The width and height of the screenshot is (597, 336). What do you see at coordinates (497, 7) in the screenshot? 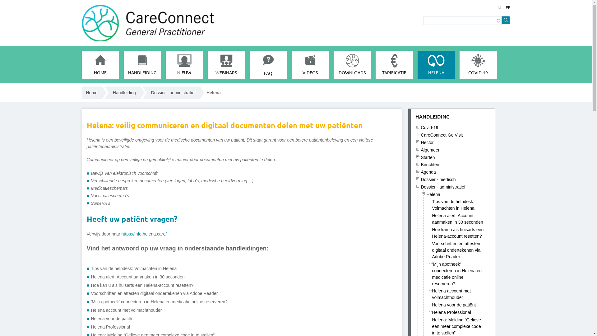
I see `'NL'` at bounding box center [497, 7].